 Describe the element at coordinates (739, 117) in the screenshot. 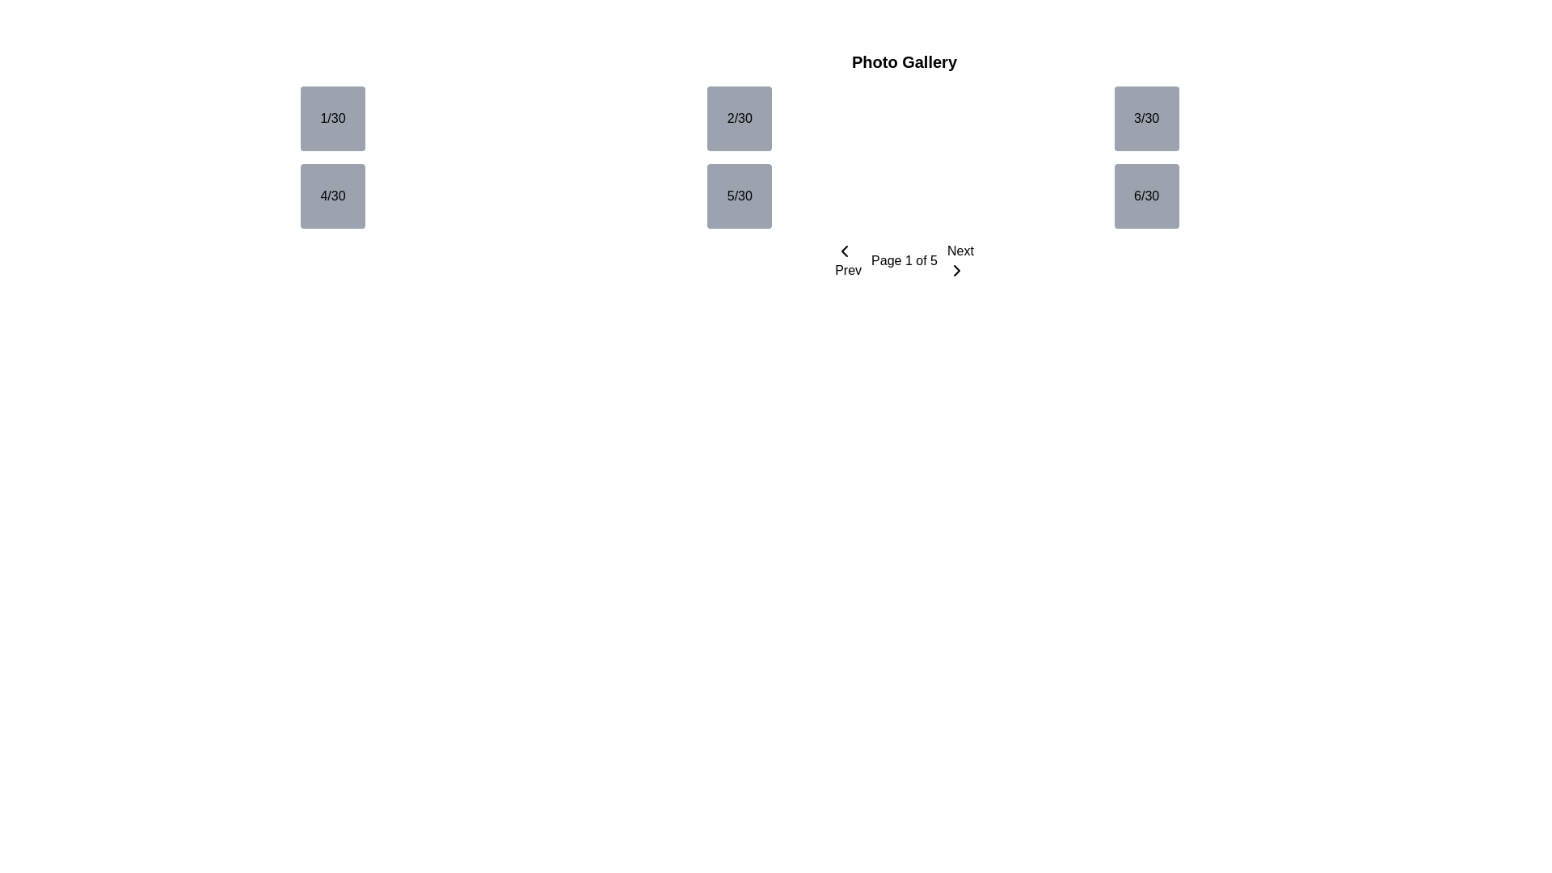

I see `the medium-gray square-shaped display label or indicator containing the text '2/30', positioned in the first row and second column of the grid under the 'Photo Gallery' header` at that location.